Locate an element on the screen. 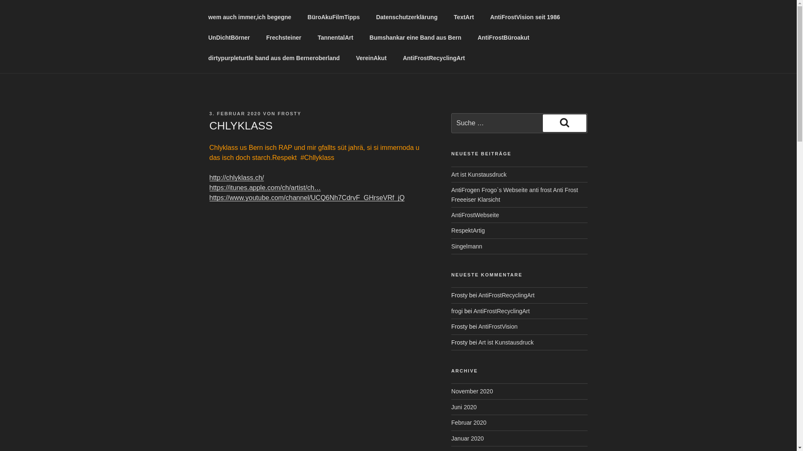  'Frechsteiner' is located at coordinates (284, 38).